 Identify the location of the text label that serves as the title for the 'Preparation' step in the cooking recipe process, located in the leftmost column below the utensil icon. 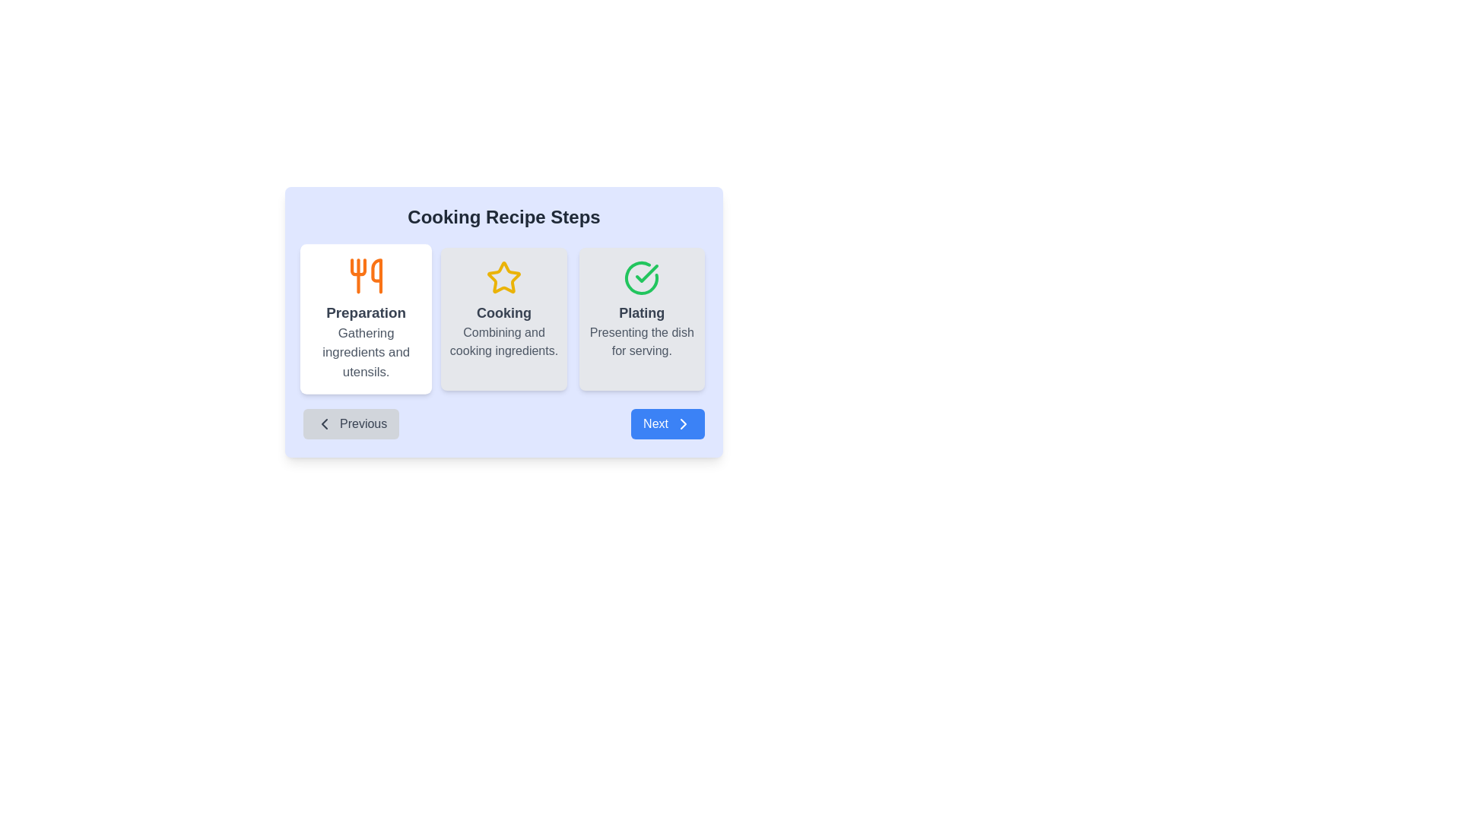
(366, 312).